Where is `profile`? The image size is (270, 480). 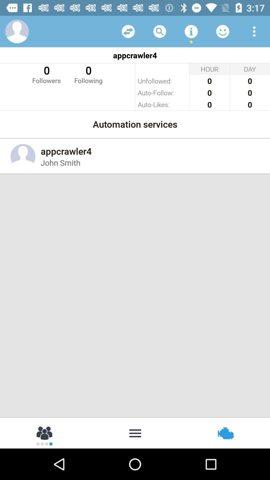 profile is located at coordinates (17, 31).